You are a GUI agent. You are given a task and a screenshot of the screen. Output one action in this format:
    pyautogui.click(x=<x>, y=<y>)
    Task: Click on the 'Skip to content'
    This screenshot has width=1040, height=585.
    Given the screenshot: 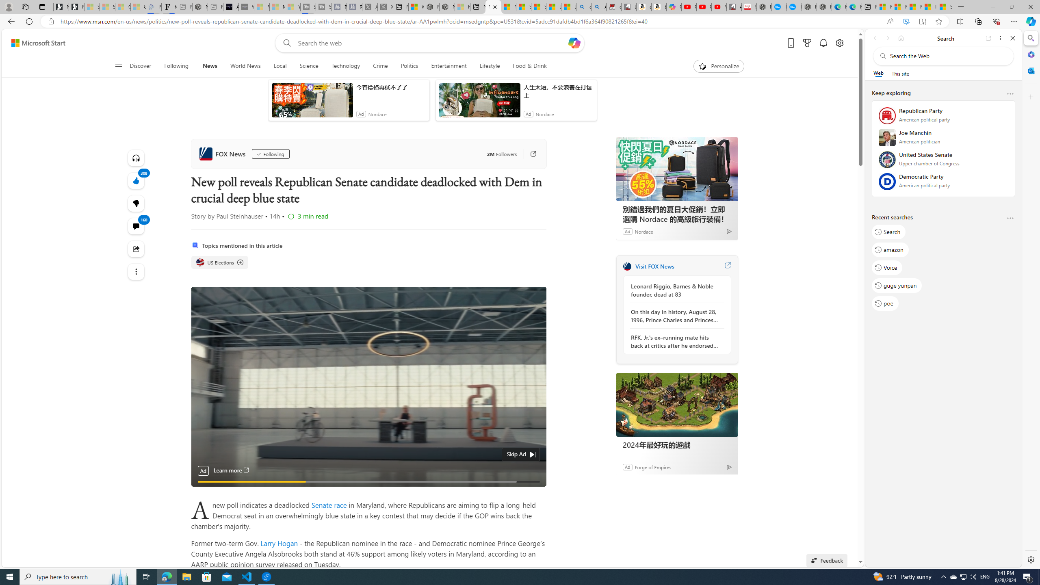 What is the action you would take?
    pyautogui.click(x=35, y=42)
    